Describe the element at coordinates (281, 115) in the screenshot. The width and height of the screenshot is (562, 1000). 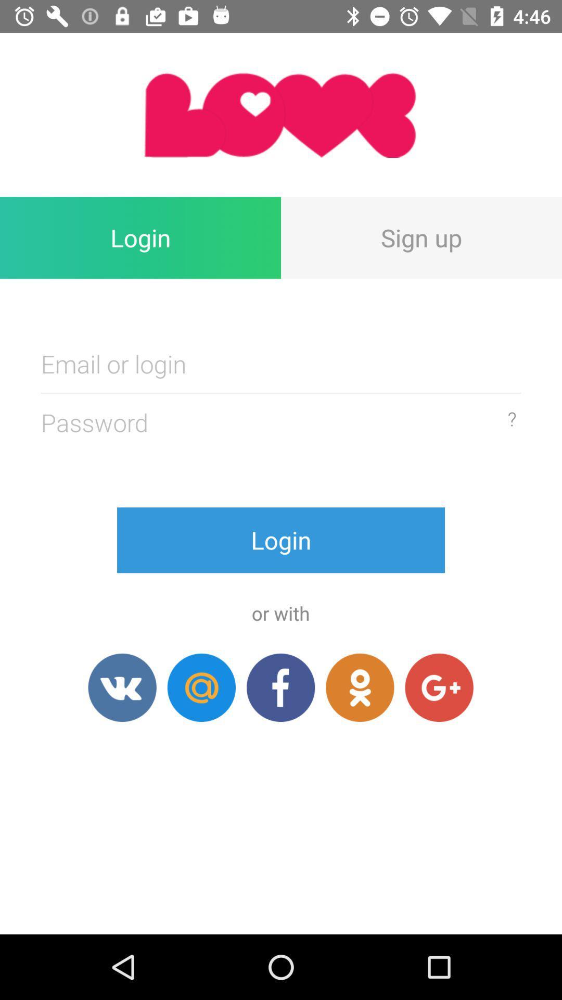
I see `item above the login item` at that location.